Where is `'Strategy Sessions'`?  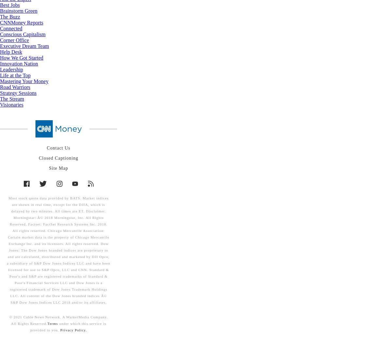
'Strategy Sessions' is located at coordinates (18, 93).